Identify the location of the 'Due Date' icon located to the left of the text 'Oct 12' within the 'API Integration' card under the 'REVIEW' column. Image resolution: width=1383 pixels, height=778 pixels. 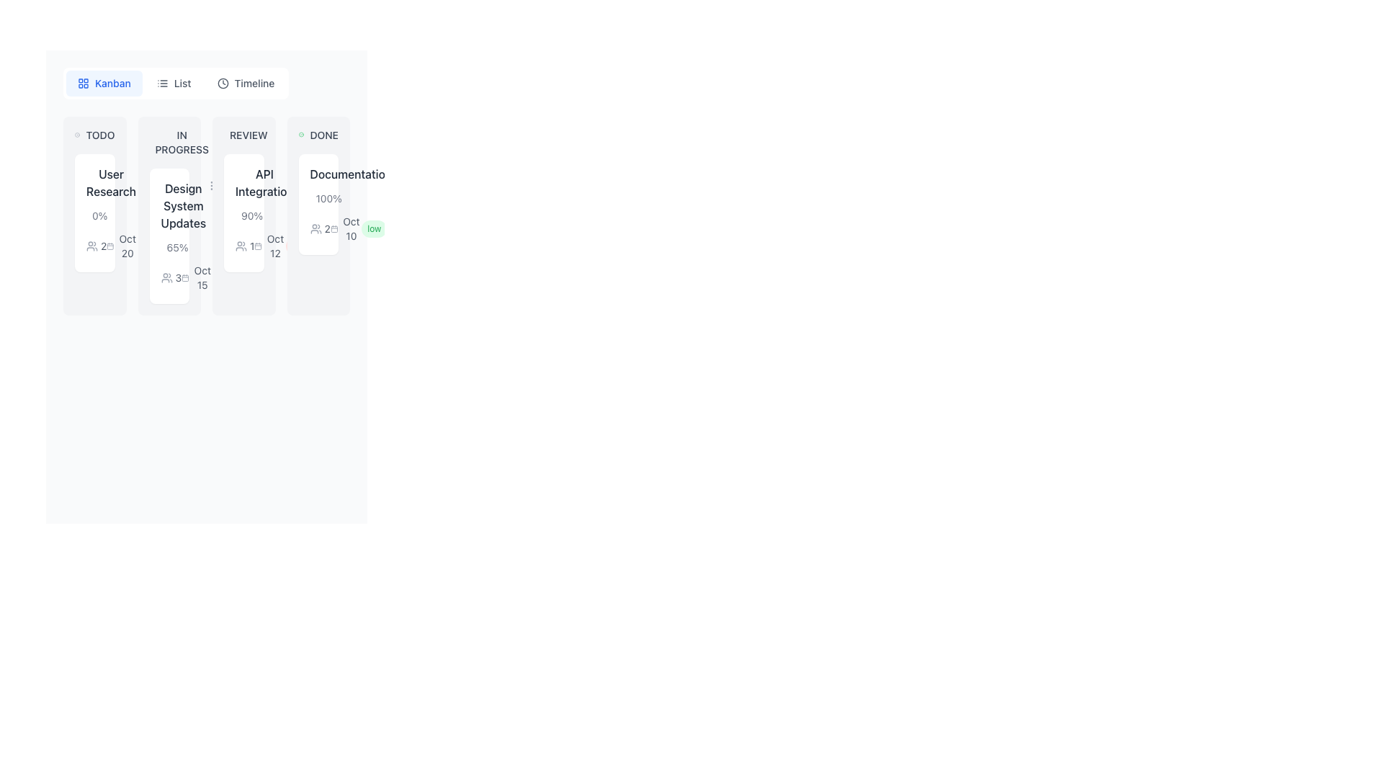
(258, 246).